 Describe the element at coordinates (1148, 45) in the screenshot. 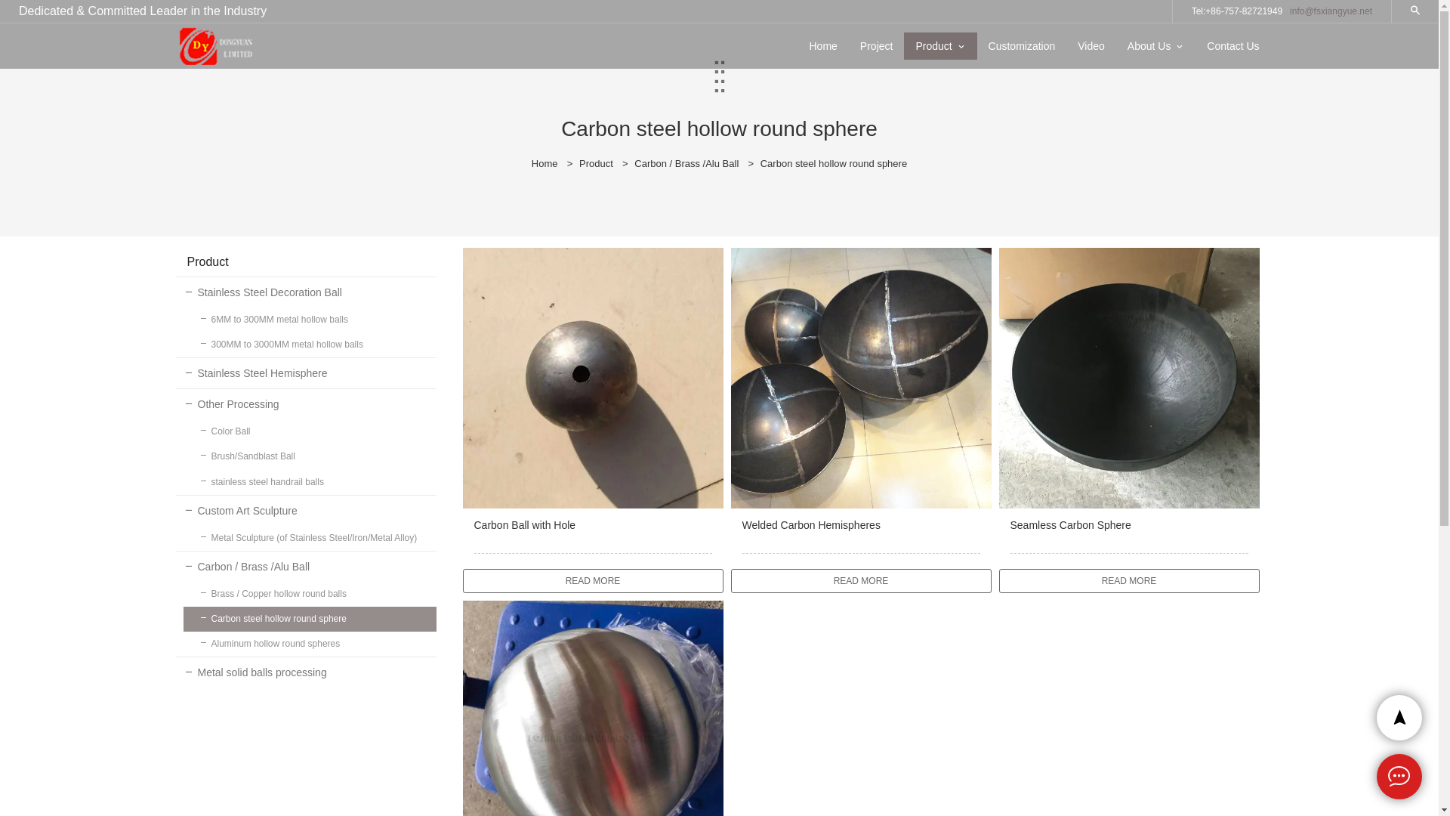

I see `'About Us'` at that location.